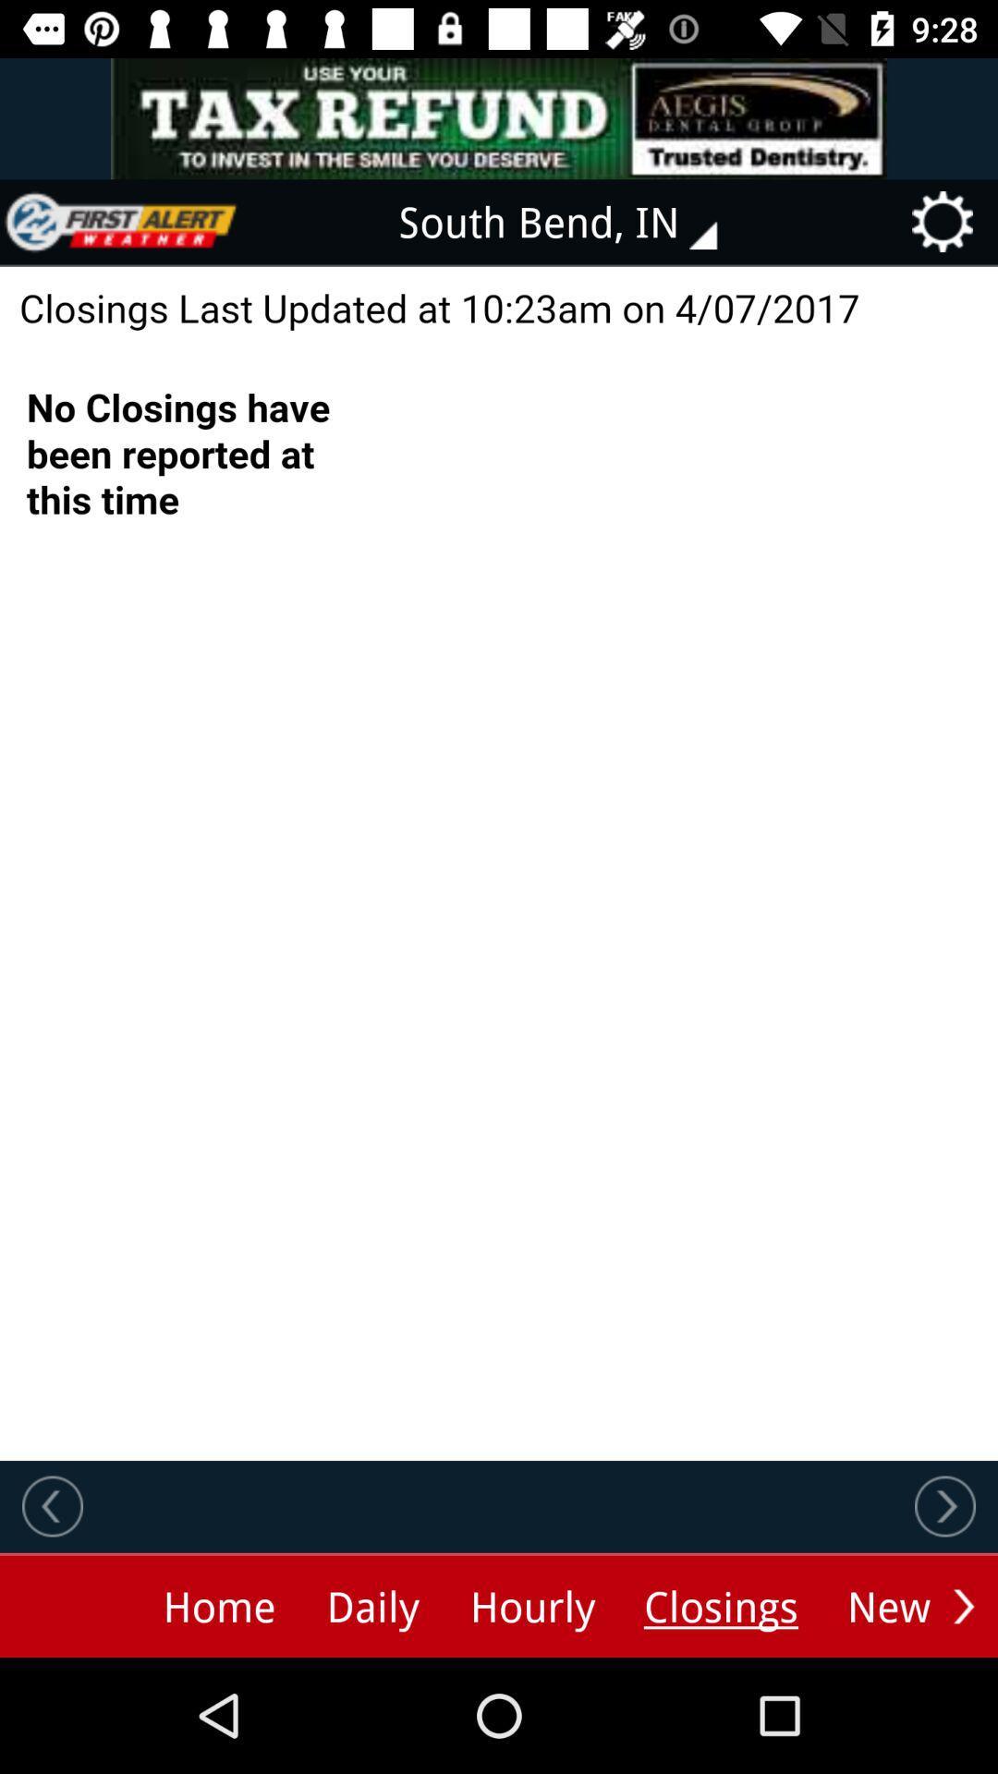 The height and width of the screenshot is (1774, 998). I want to click on south bend, in, so click(570, 222).